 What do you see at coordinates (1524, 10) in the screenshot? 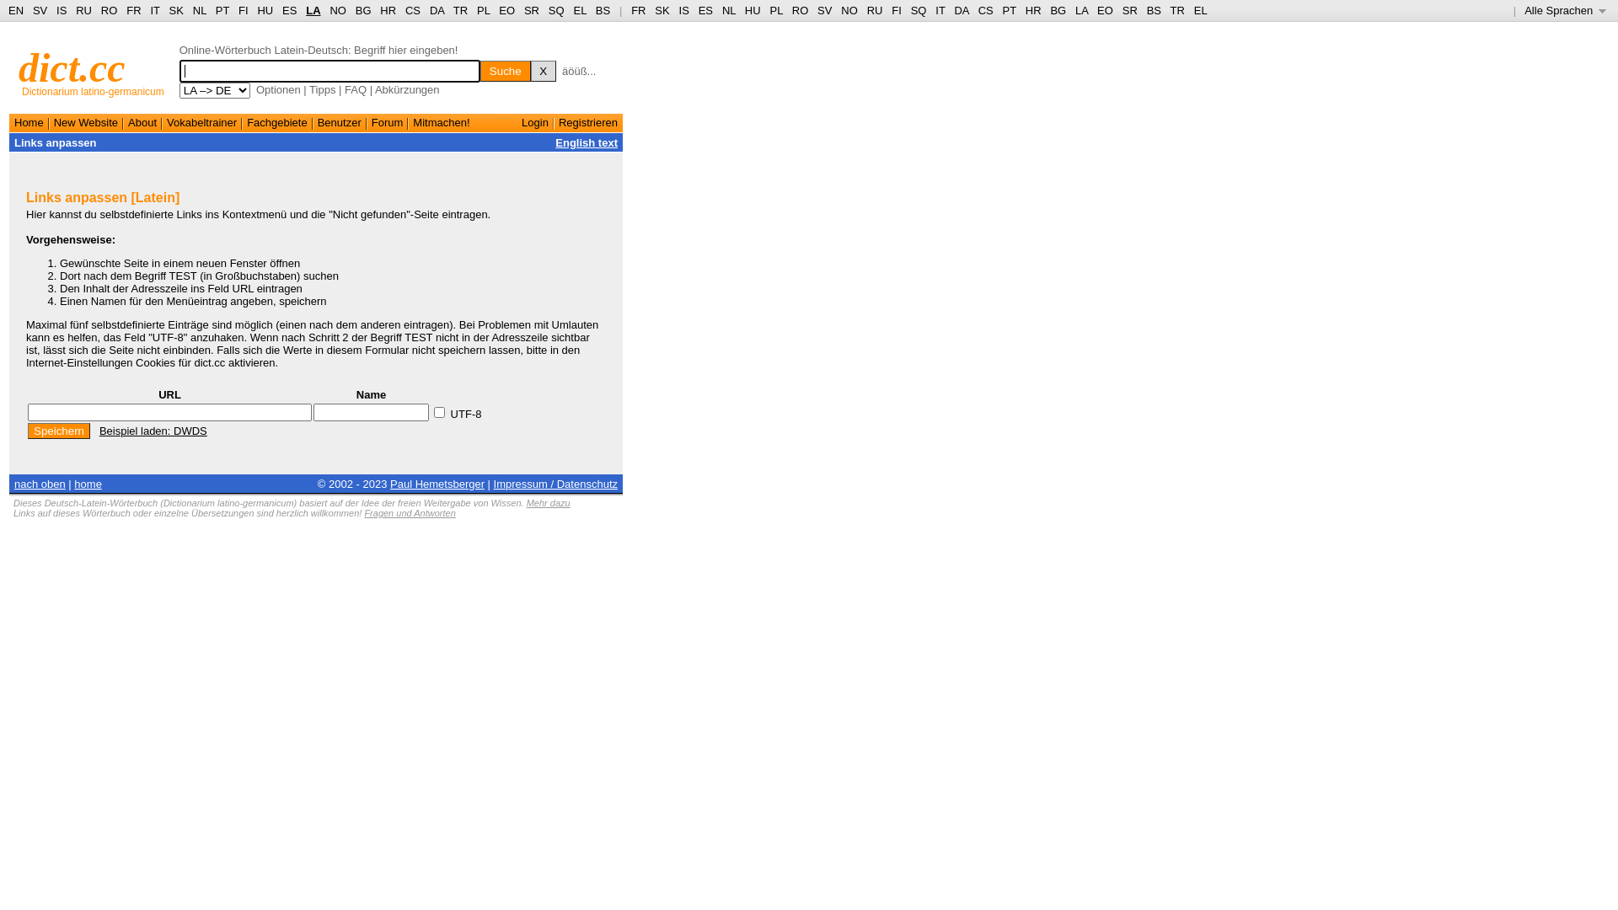
I see `'Alle Sprachen '` at bounding box center [1524, 10].